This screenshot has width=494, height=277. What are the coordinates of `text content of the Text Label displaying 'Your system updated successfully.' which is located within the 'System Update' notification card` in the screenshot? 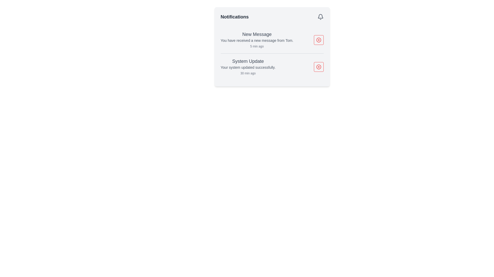 It's located at (248, 67).